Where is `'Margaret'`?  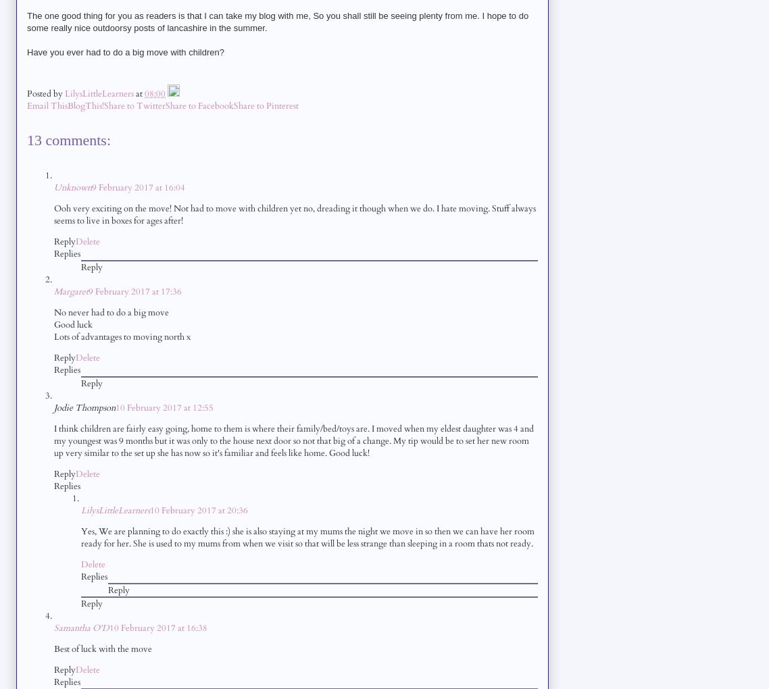 'Margaret' is located at coordinates (70, 290).